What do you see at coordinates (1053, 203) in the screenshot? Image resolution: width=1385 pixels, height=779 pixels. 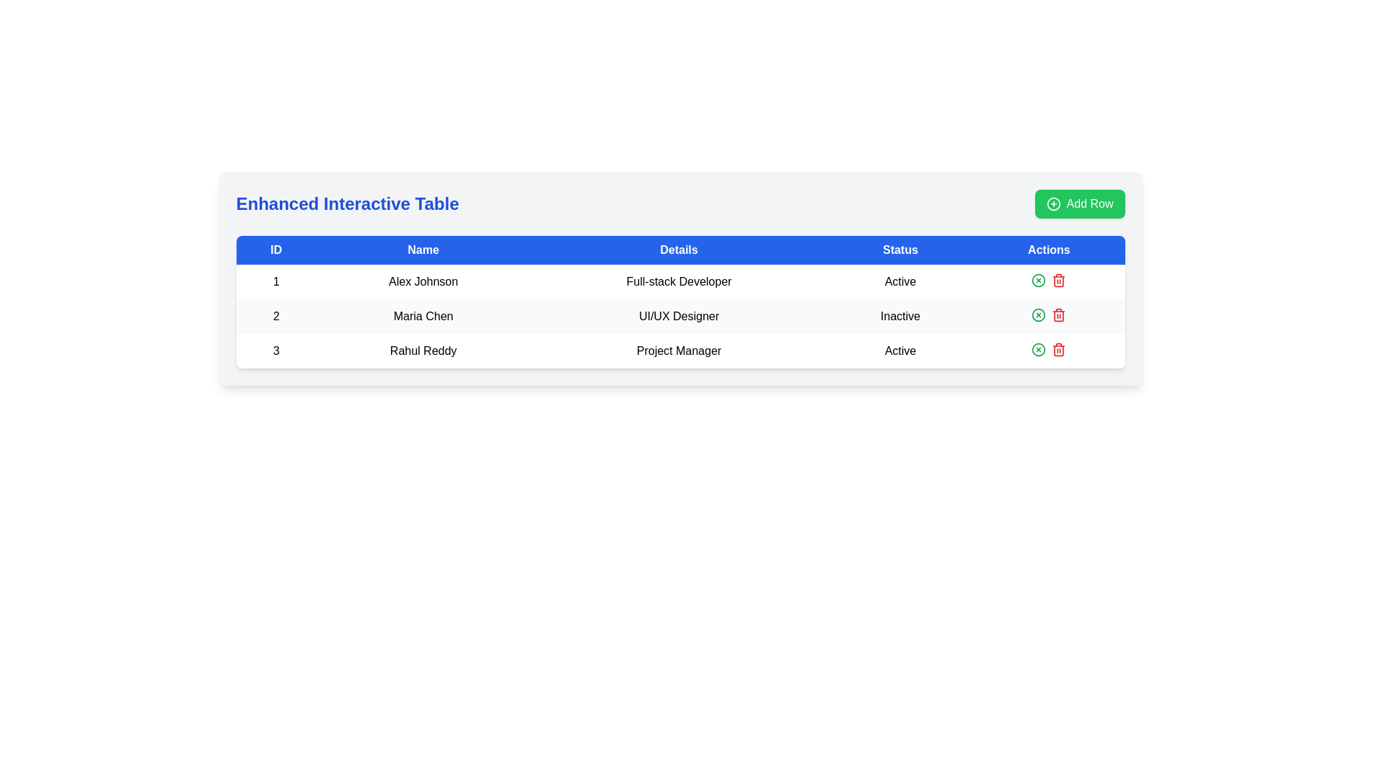 I see `the green circular icon with a white outlined plus sign located to the left of the 'Add Row' button` at bounding box center [1053, 203].